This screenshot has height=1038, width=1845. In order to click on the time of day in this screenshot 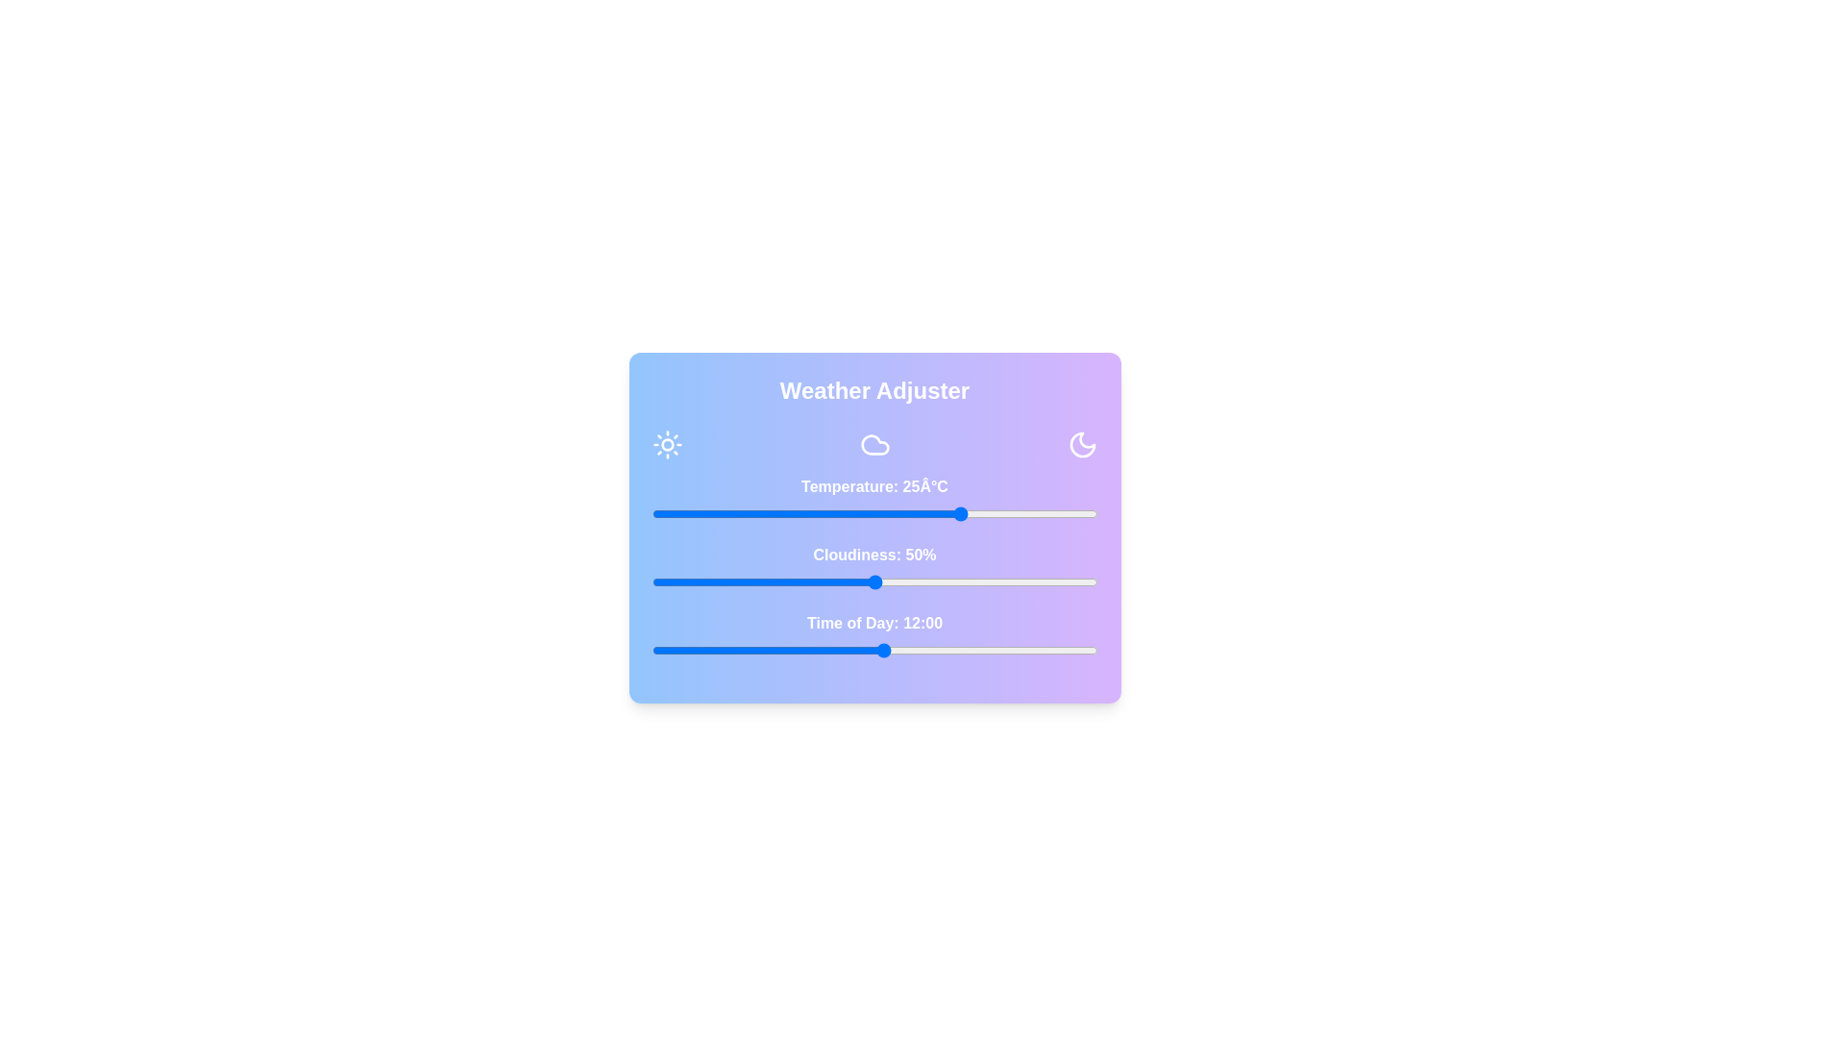, I will do `click(846, 650)`.